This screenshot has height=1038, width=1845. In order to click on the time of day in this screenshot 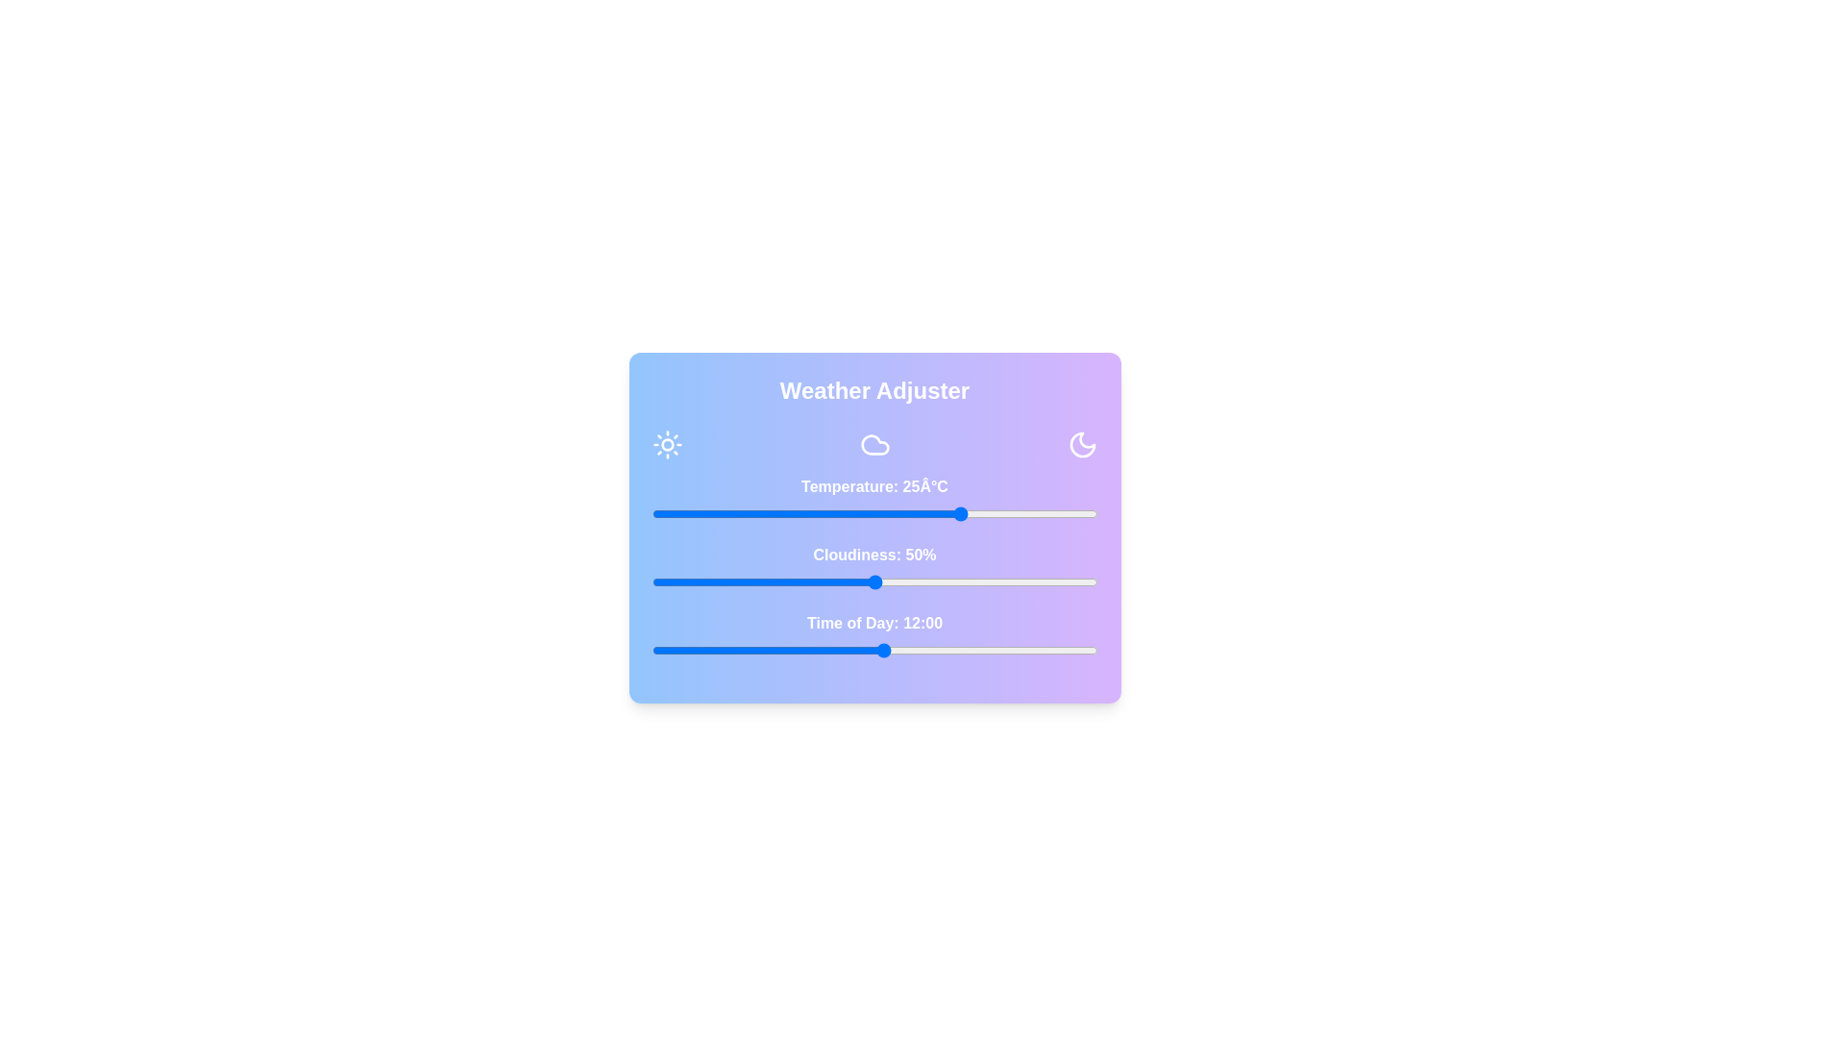, I will do `click(846, 650)`.